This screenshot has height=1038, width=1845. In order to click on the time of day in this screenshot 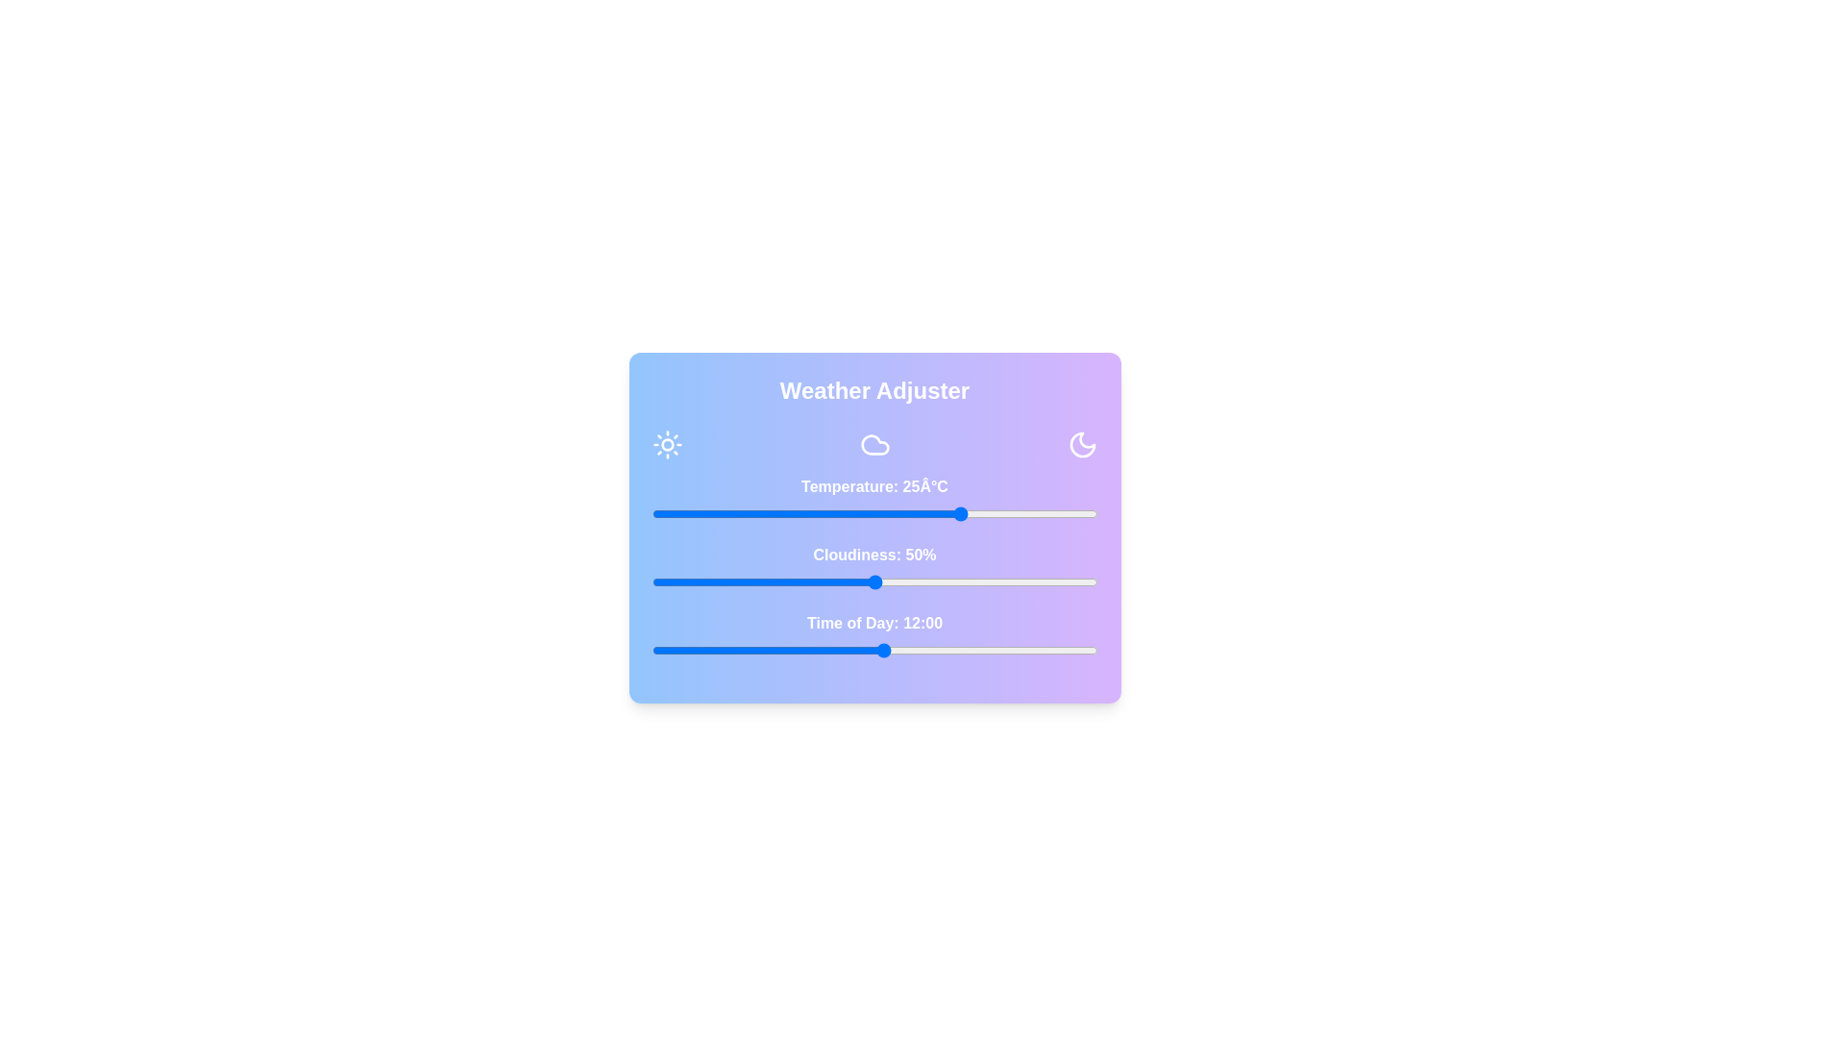, I will do `click(846, 650)`.